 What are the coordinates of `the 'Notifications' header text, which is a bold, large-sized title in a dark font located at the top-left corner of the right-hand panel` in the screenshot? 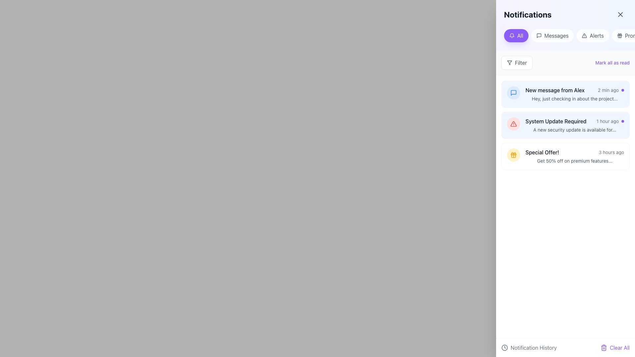 It's located at (527, 14).